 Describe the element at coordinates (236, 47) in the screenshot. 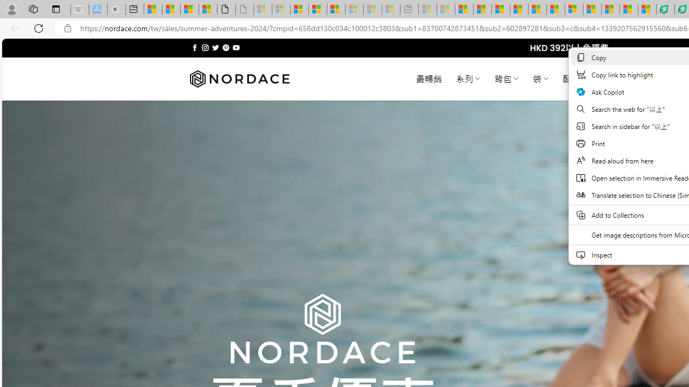

I see `'Follow on YouTube'` at that location.